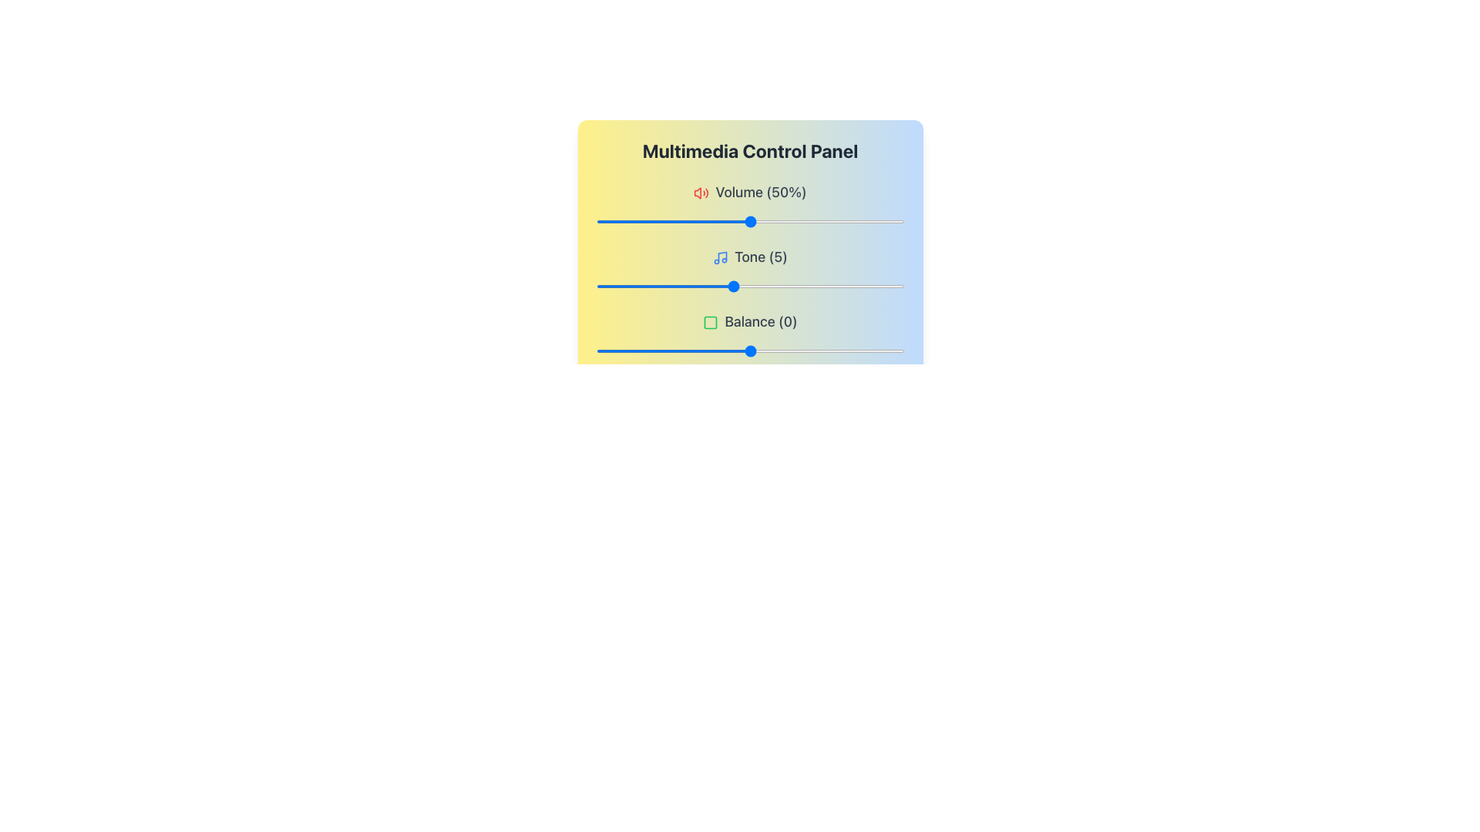 Image resolution: width=1480 pixels, height=832 pixels. Describe the element at coordinates (750, 151) in the screenshot. I see `the main header text of the Multimedia Control Panel, which indicates its purpose and context` at that location.